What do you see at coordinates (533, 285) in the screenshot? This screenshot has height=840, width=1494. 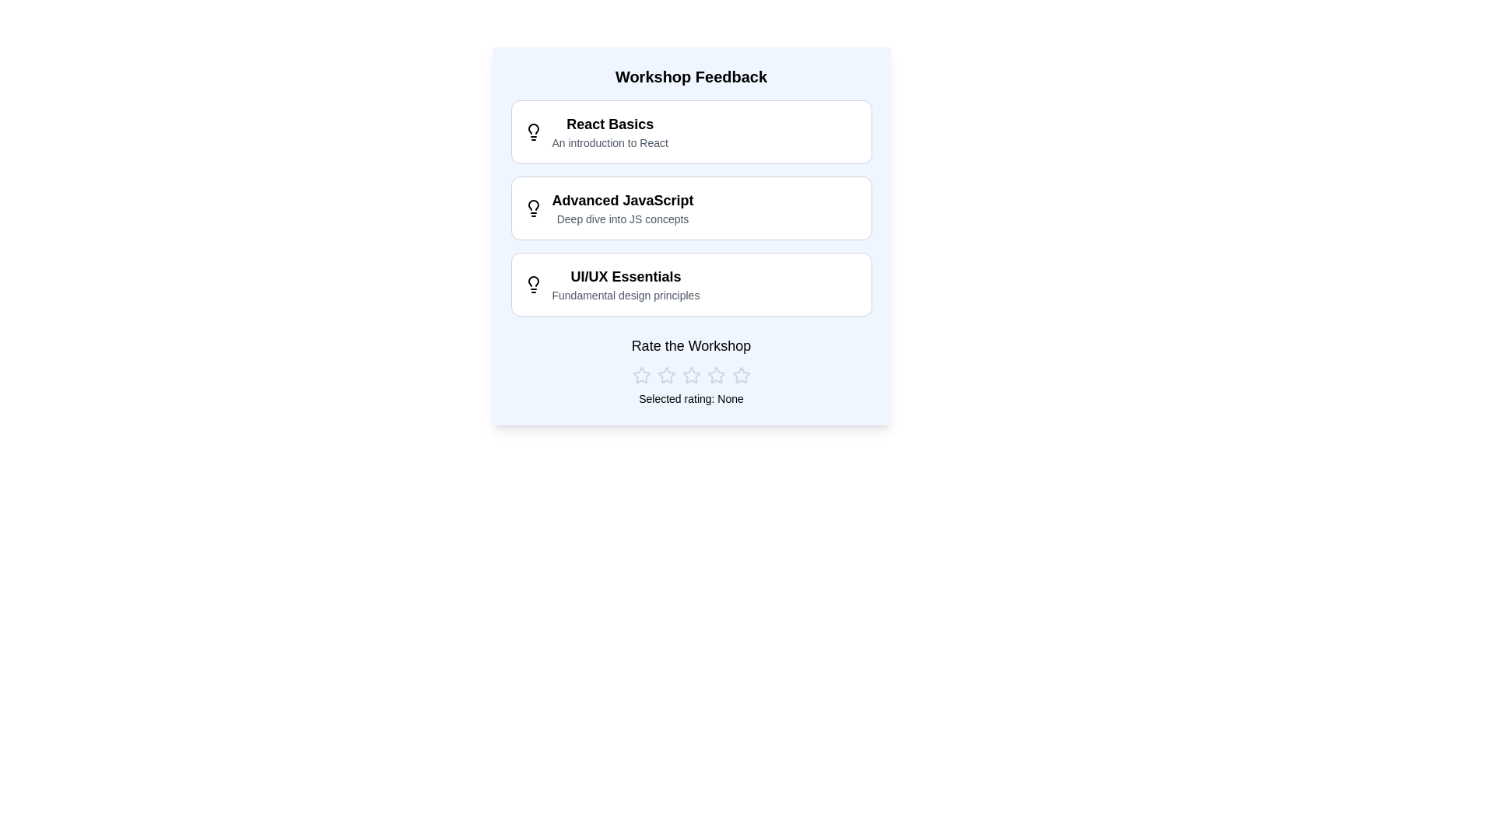 I see `the icon associated with the text 'UI/UX Essentials' located at the leftmost side of the third list item in the 'Workshop Feedback' panel` at bounding box center [533, 285].